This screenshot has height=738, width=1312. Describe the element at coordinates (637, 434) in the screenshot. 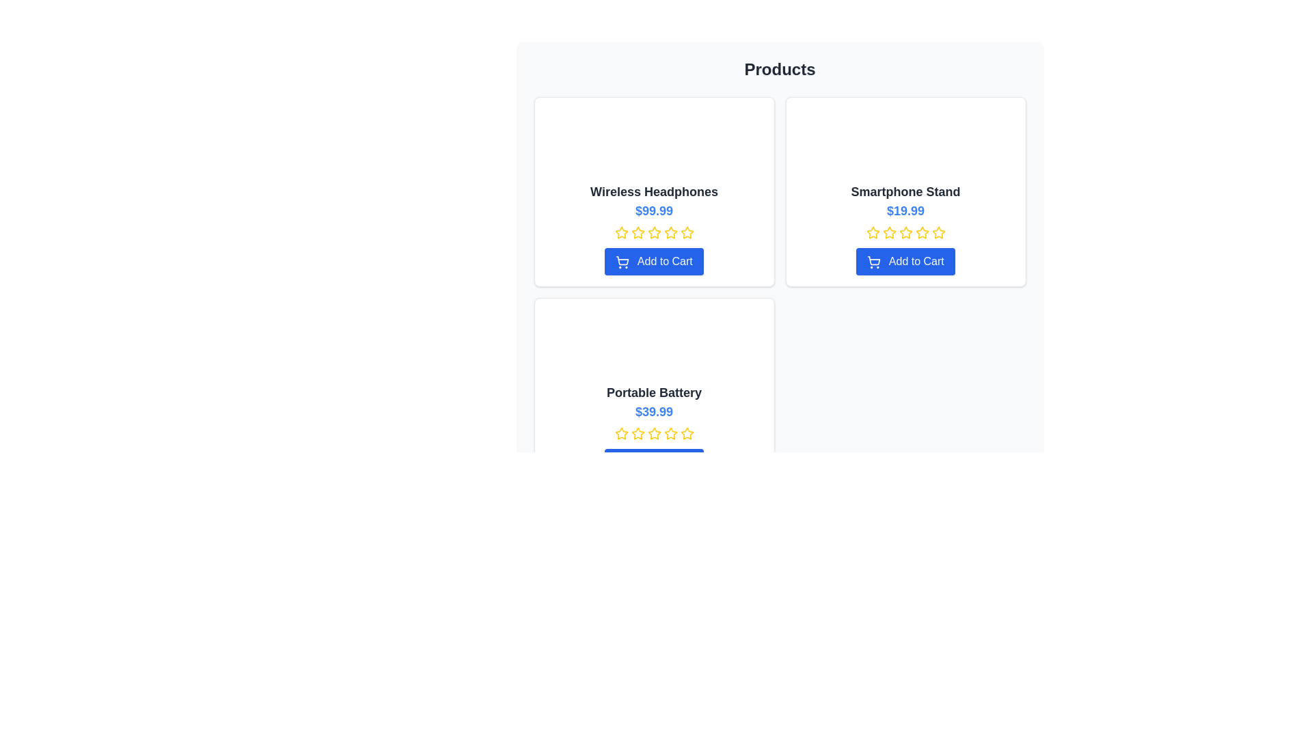

I see `the third star icon from the left in the rating indicator below the 'Portable Battery' product title and price` at that location.